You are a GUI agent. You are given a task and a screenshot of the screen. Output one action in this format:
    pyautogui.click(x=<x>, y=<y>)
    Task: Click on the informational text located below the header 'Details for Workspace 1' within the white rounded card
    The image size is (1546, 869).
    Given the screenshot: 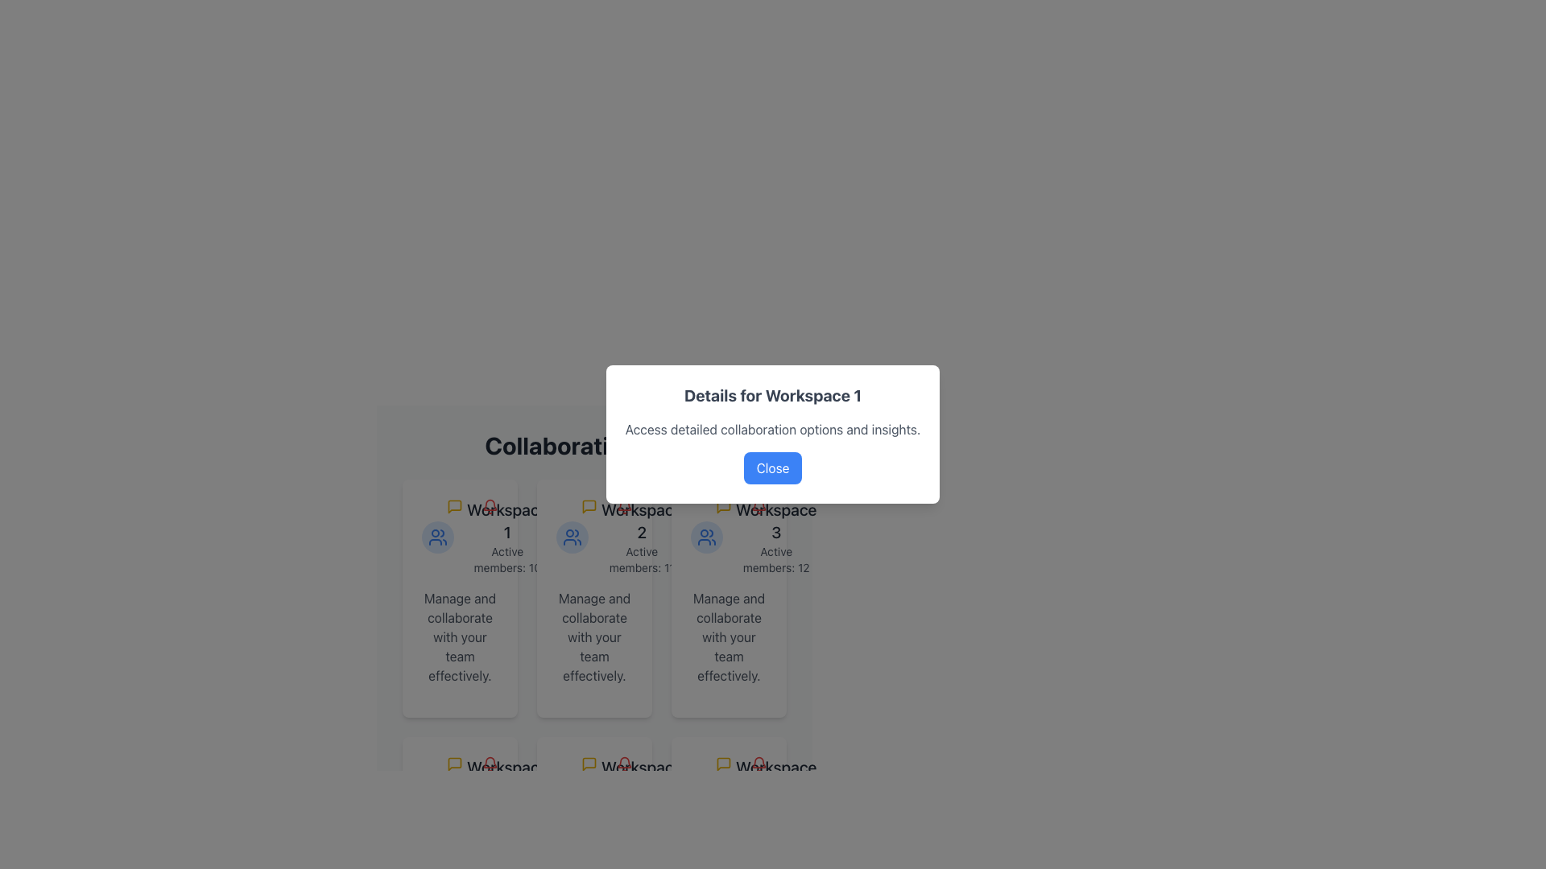 What is the action you would take?
    pyautogui.click(x=773, y=428)
    